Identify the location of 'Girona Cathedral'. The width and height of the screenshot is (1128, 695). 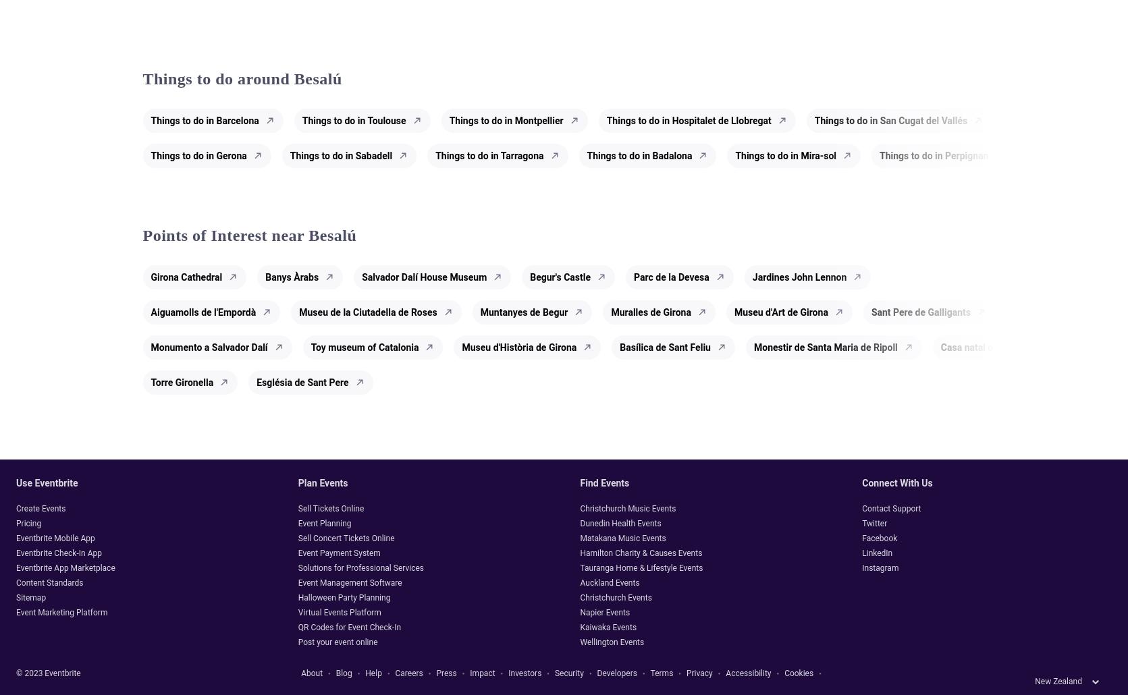
(186, 277).